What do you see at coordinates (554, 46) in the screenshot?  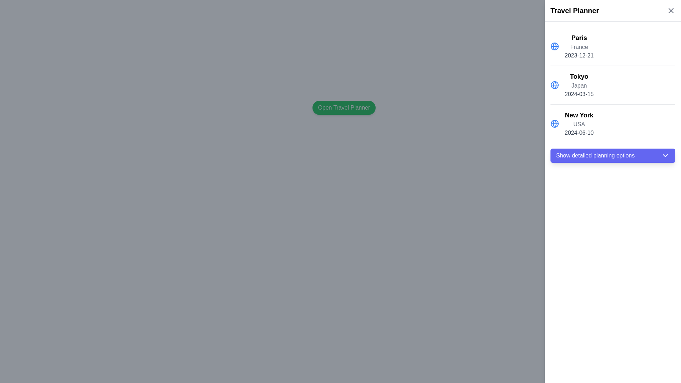 I see `the globe icon styled with a blue color located at the beginning of the list element labeled 'Paris' in the travel planner UI` at bounding box center [554, 46].